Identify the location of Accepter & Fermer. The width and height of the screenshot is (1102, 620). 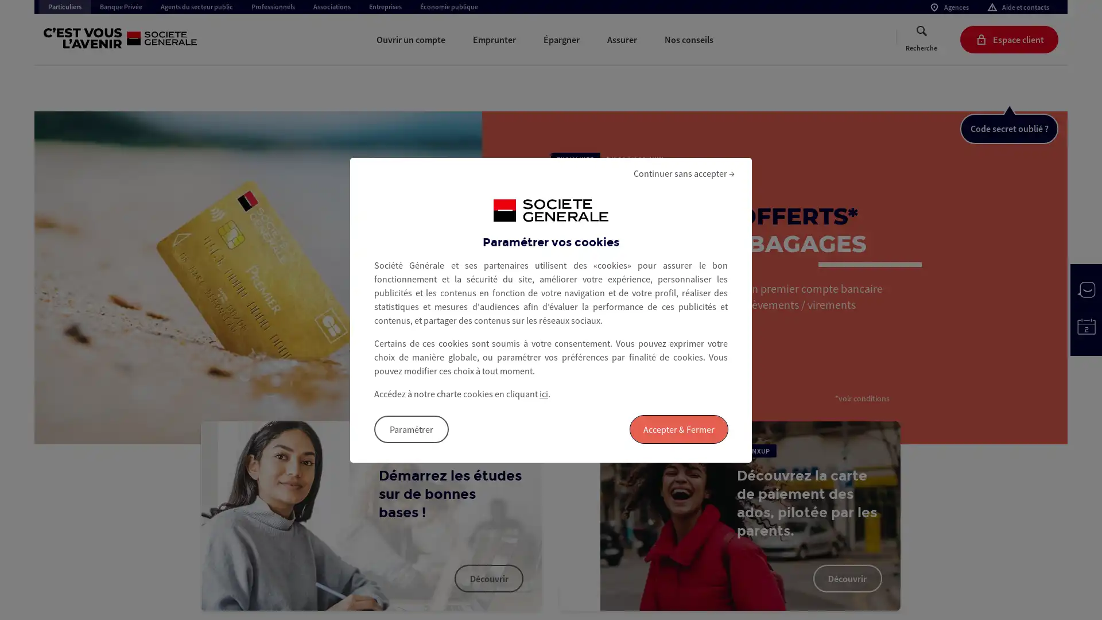
(678, 429).